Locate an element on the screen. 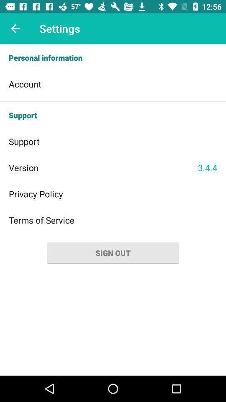 The image size is (226, 402). personal information is located at coordinates (113, 57).